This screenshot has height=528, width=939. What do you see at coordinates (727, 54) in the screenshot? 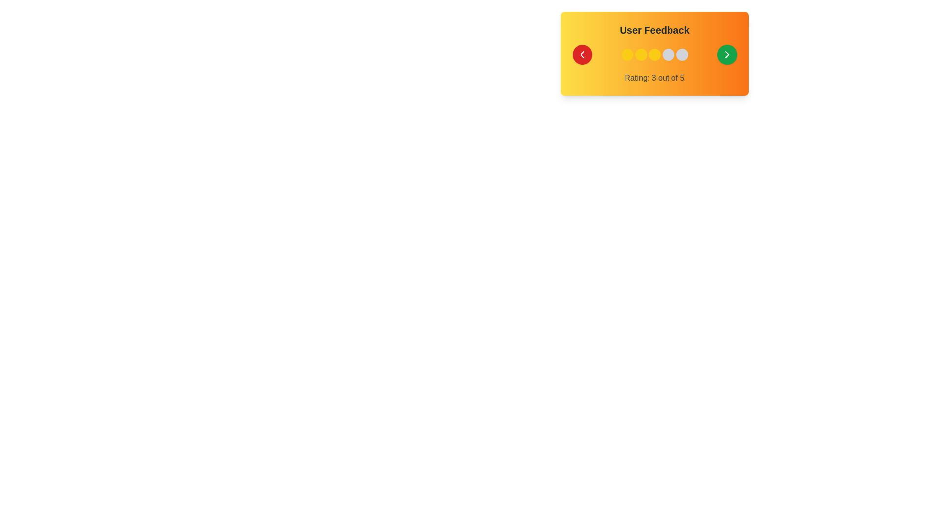
I see `the chevron-shaped icon embedded within the circular green button in the 'User Feedback' section to observe the hover effect` at bounding box center [727, 54].